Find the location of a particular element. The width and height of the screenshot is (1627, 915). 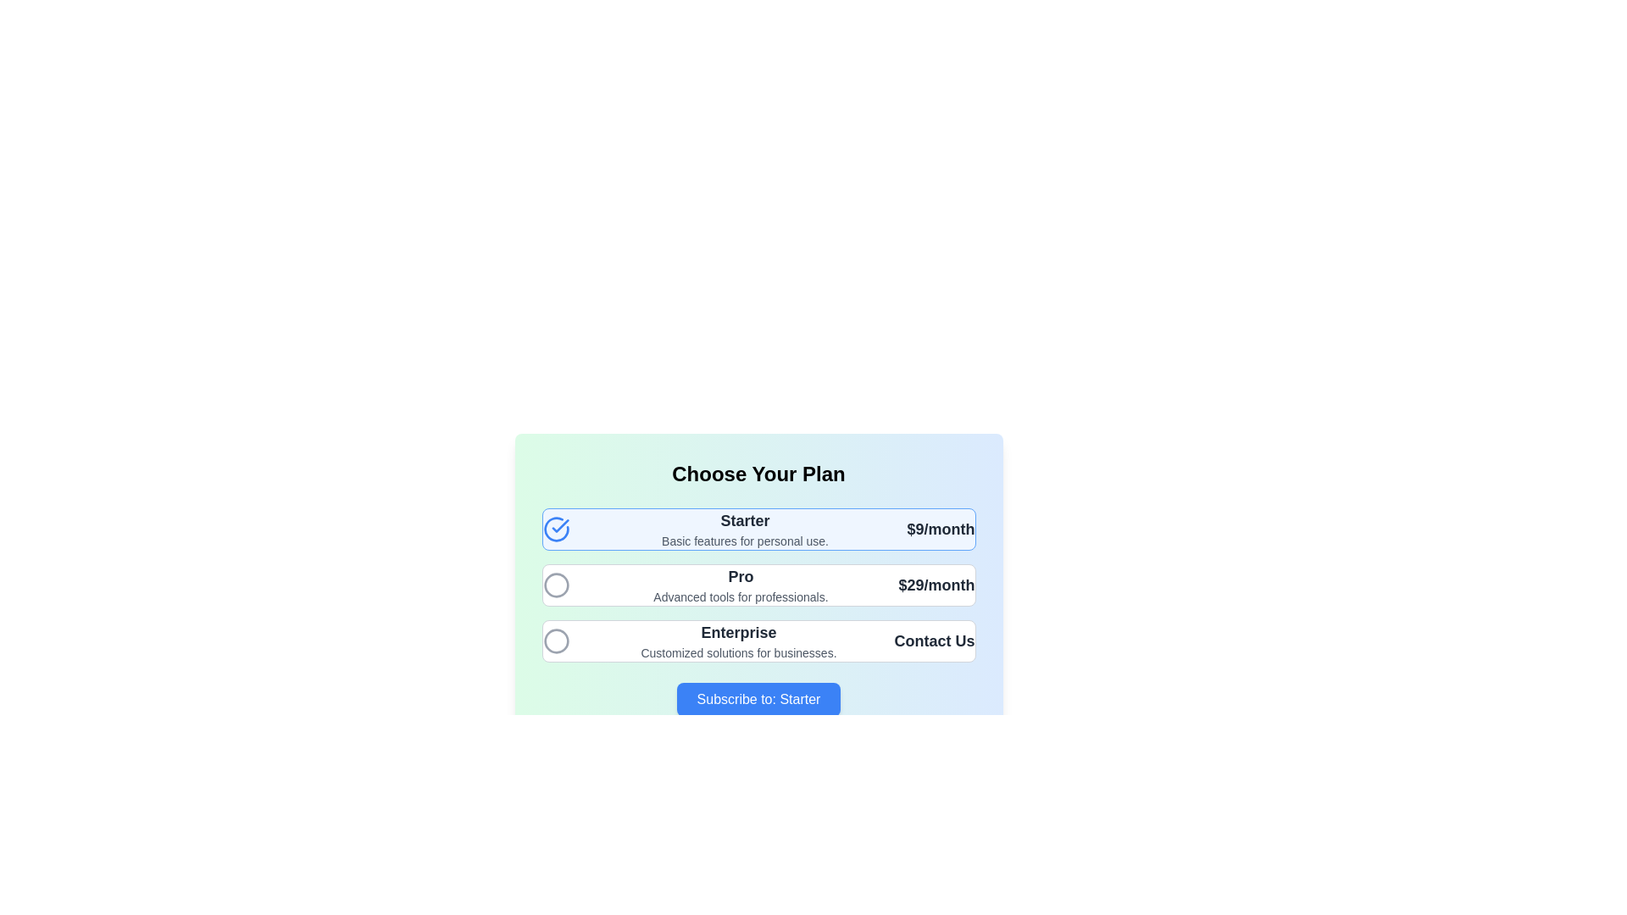

the static text describing features of the 'Enterprise' plan, located below the 'Enterprise' option's title in the 'Choose Your Plan' section is located at coordinates (739, 652).